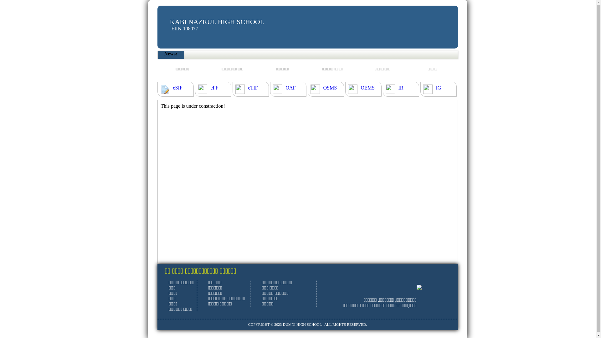  I want to click on 'OAF', so click(285, 88).